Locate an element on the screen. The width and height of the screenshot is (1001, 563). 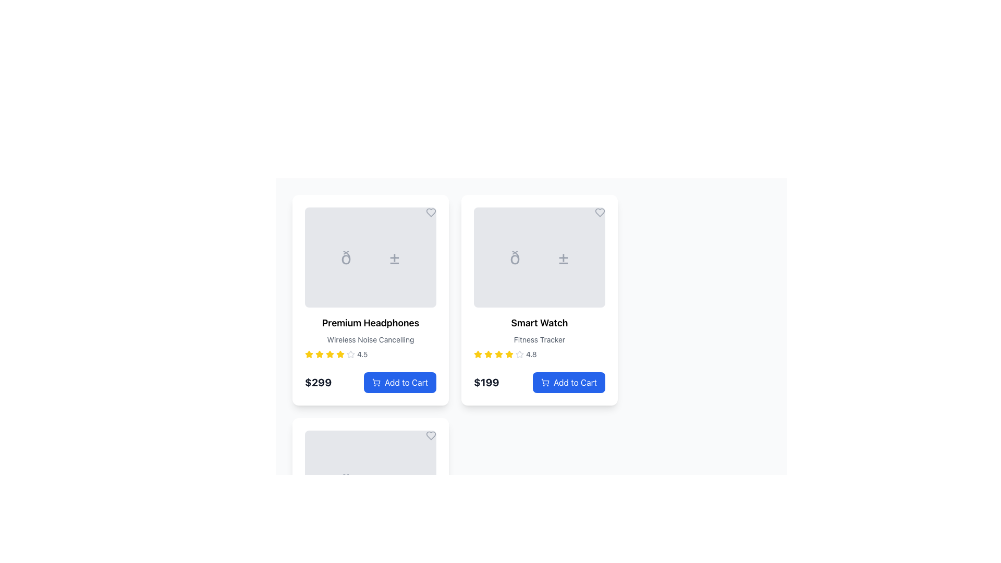
the sixth star icon in the rating system for the 'Premium Headphones' product, which is positioned below the product name and subtitle, and above the price and 'Add to Cart' button is located at coordinates (340, 353).